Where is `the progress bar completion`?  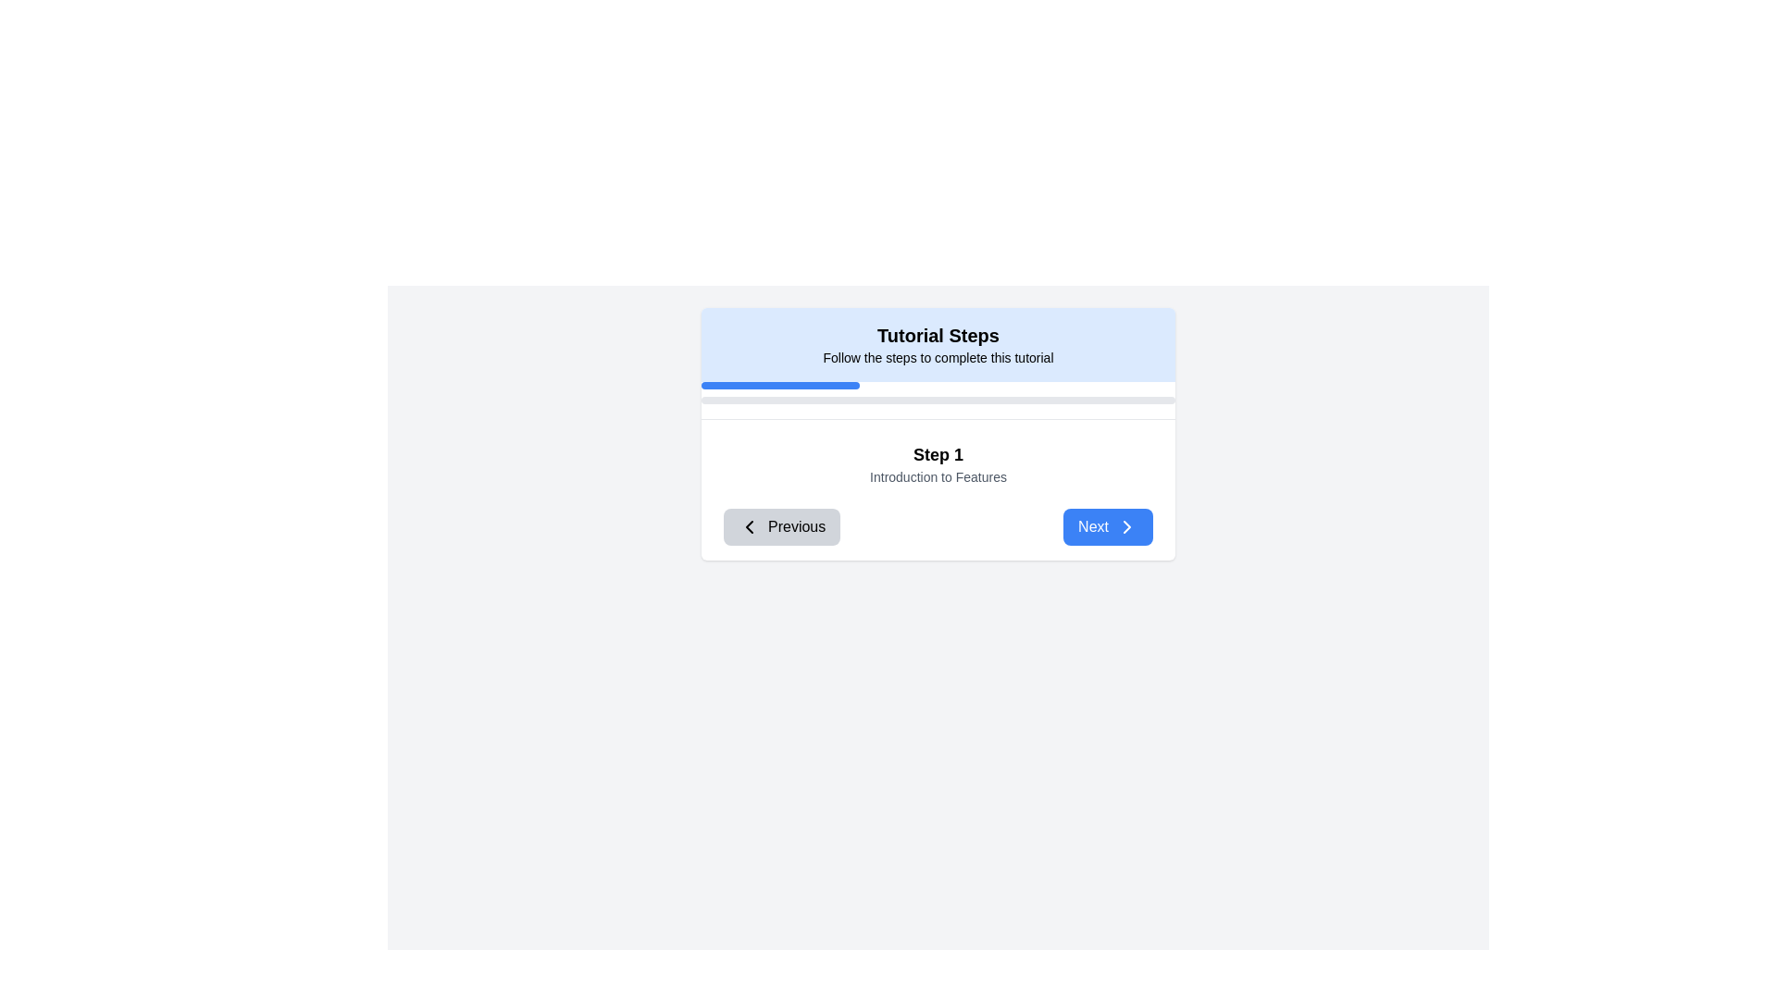
the progress bar completion is located at coordinates (715, 399).